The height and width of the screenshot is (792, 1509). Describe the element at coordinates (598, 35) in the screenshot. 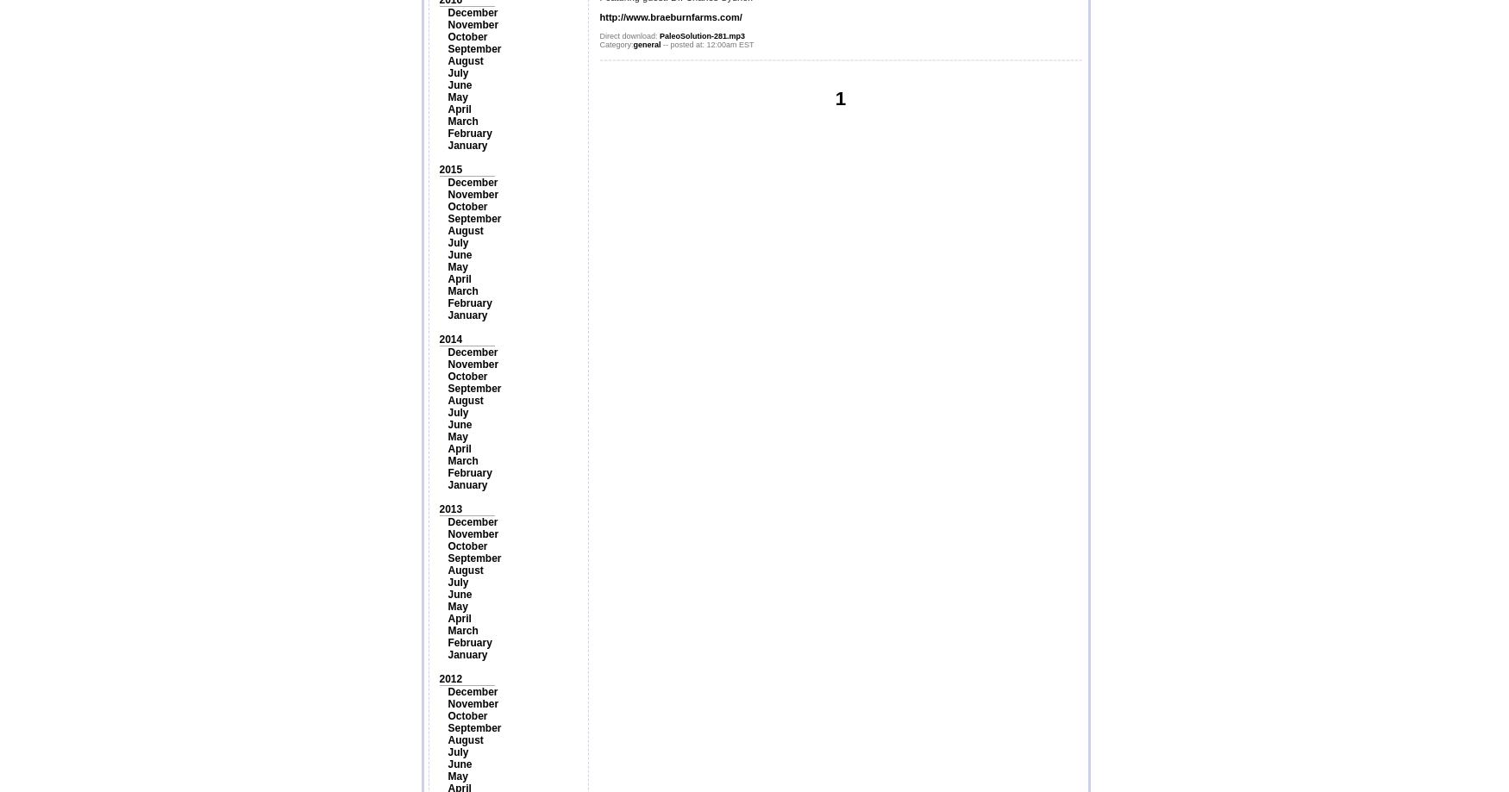

I see `'Direct download:'` at that location.